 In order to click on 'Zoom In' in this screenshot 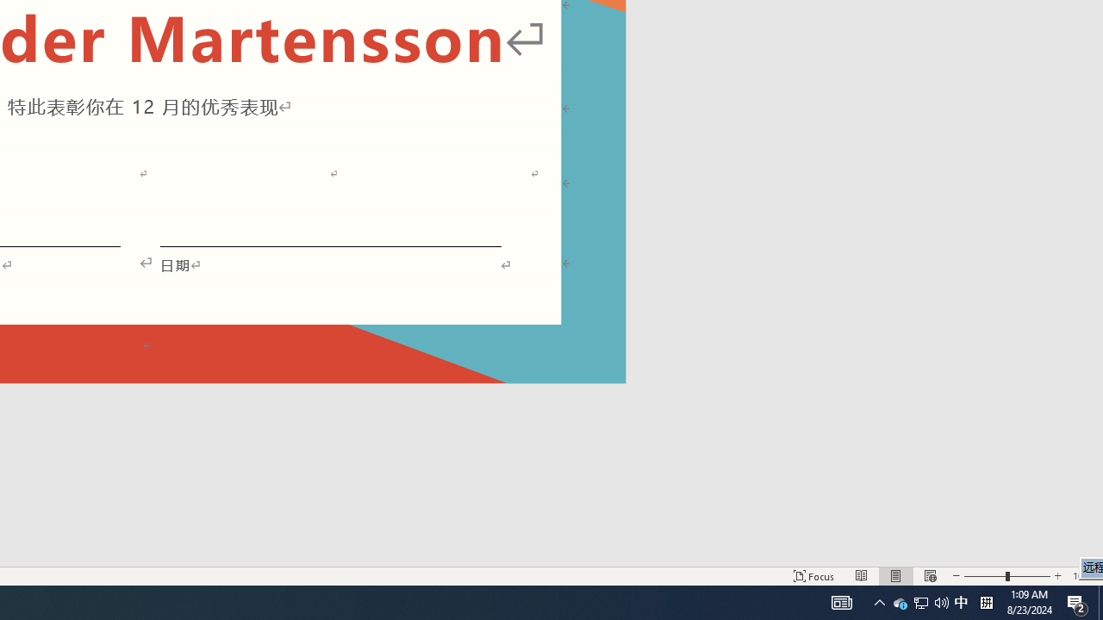, I will do `click(1056, 576)`.